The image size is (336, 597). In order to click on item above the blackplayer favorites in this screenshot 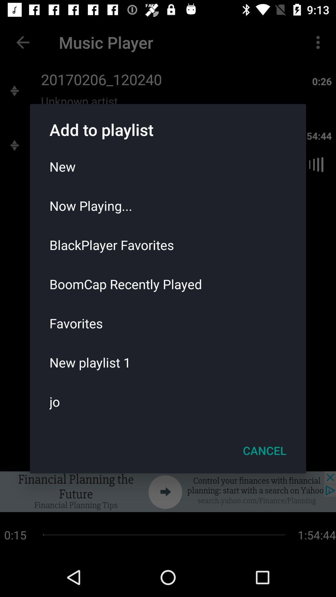, I will do `click(168, 206)`.